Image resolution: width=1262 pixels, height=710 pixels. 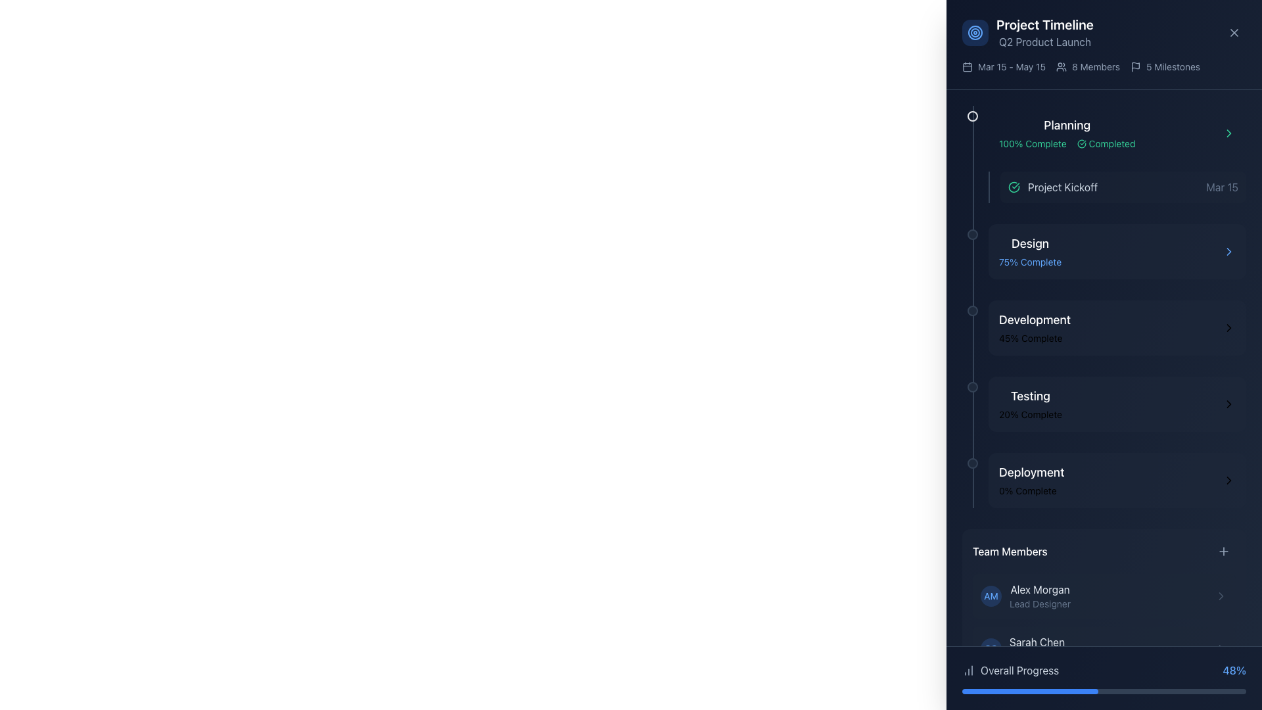 I want to click on the last item in the project timeline interface that represents the 'Deployment' stage, so click(x=1116, y=481).